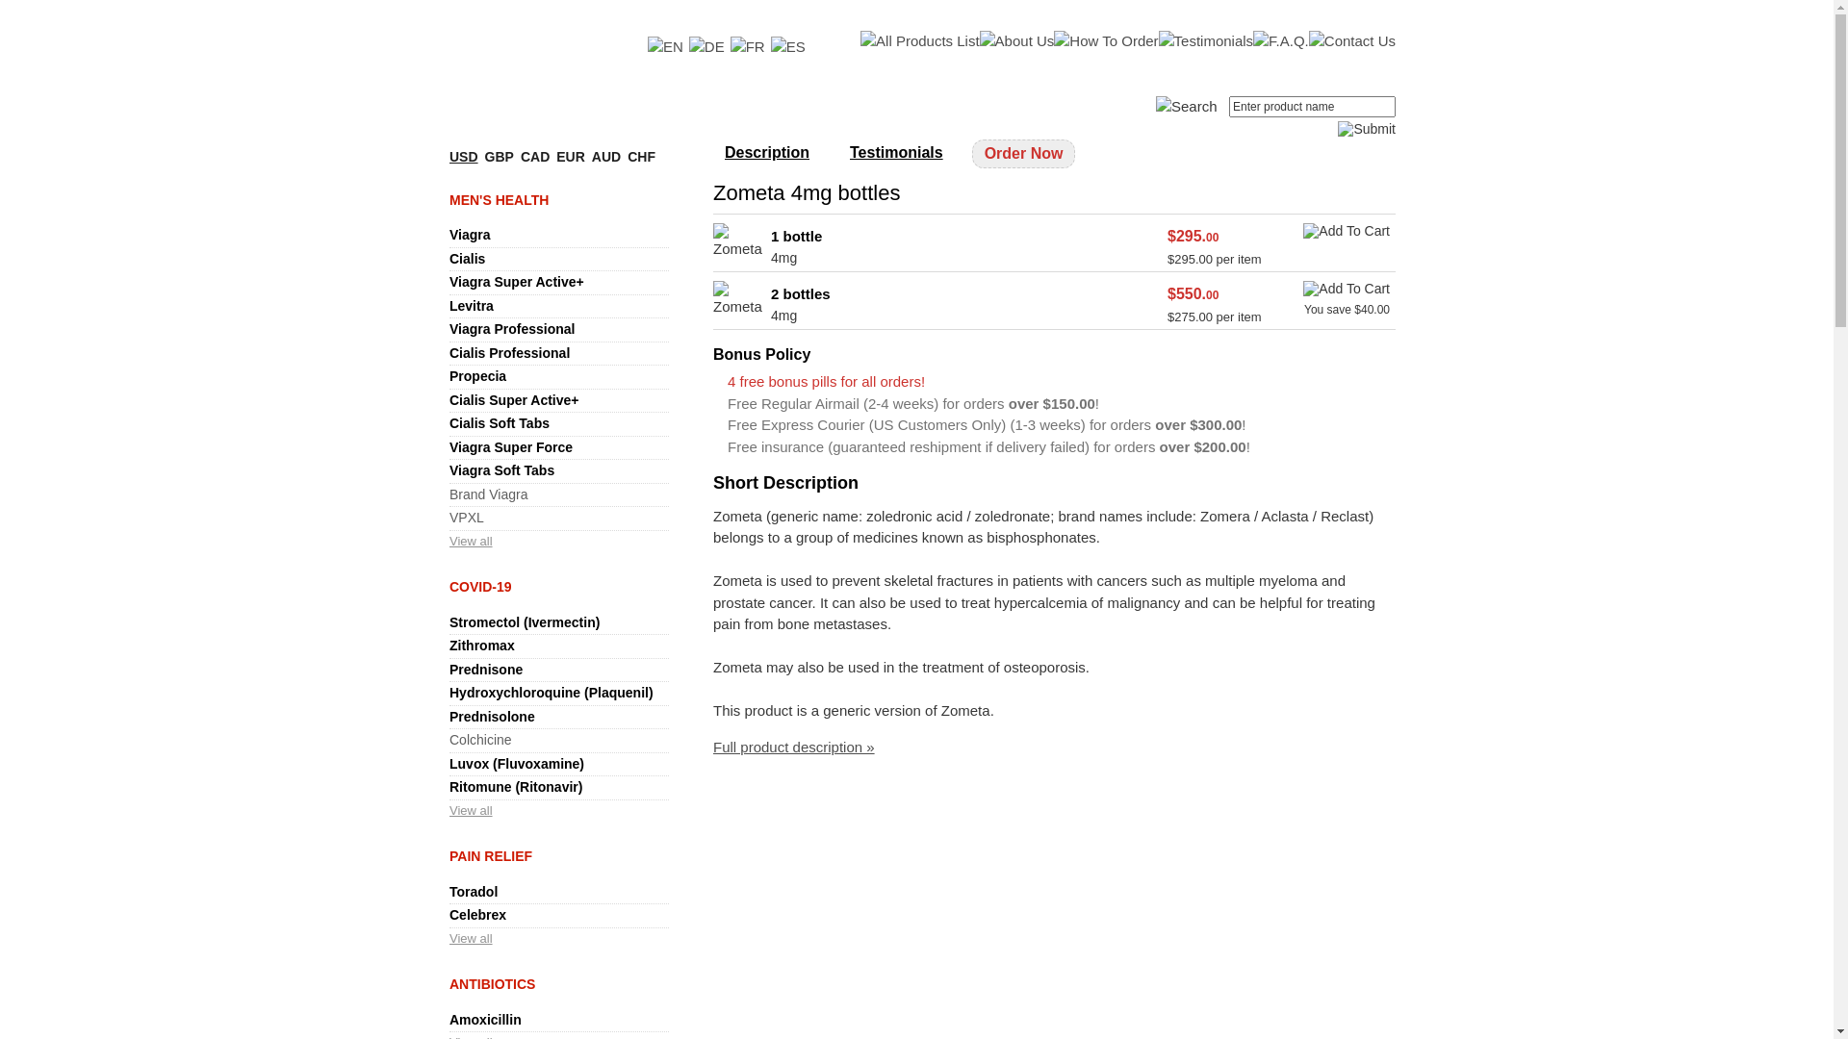 Image resolution: width=1848 pixels, height=1039 pixels. I want to click on 'English', so click(665, 46).